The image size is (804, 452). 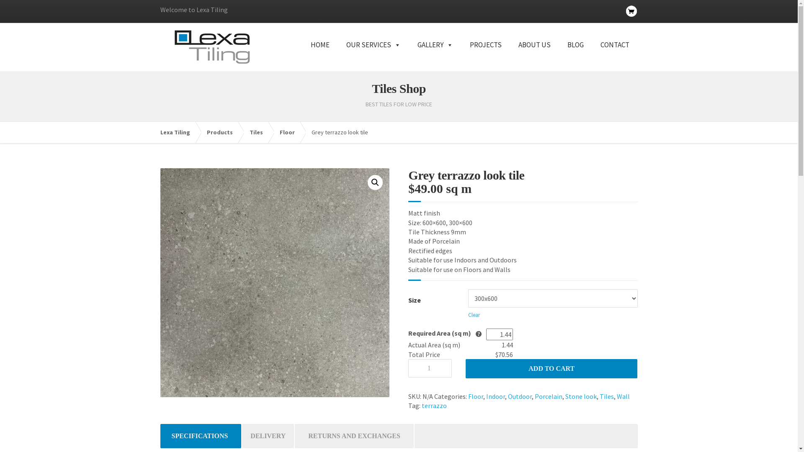 I want to click on 'terrazzo', so click(x=434, y=405).